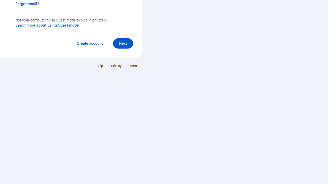 This screenshot has width=328, height=184. What do you see at coordinates (134, 65) in the screenshot?
I see `'Terms'` at bounding box center [134, 65].